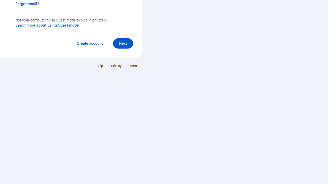 This screenshot has width=328, height=184. What do you see at coordinates (134, 65) in the screenshot?
I see `'Terms'` at bounding box center [134, 65].